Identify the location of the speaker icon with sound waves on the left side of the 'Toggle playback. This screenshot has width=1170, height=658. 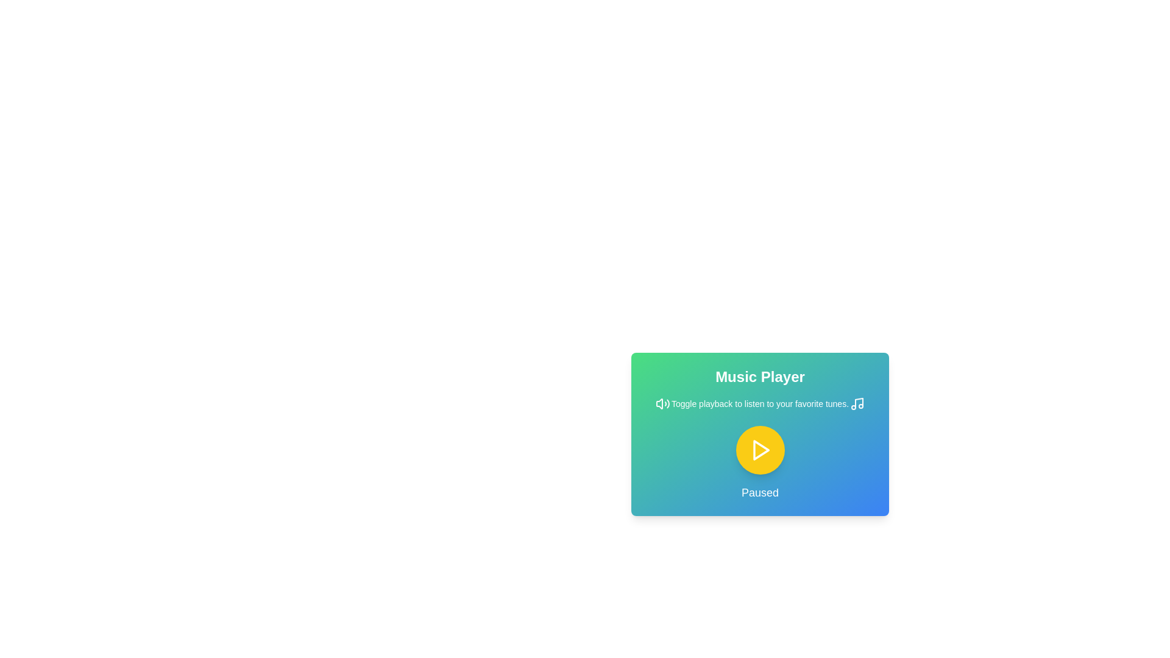
(662, 404).